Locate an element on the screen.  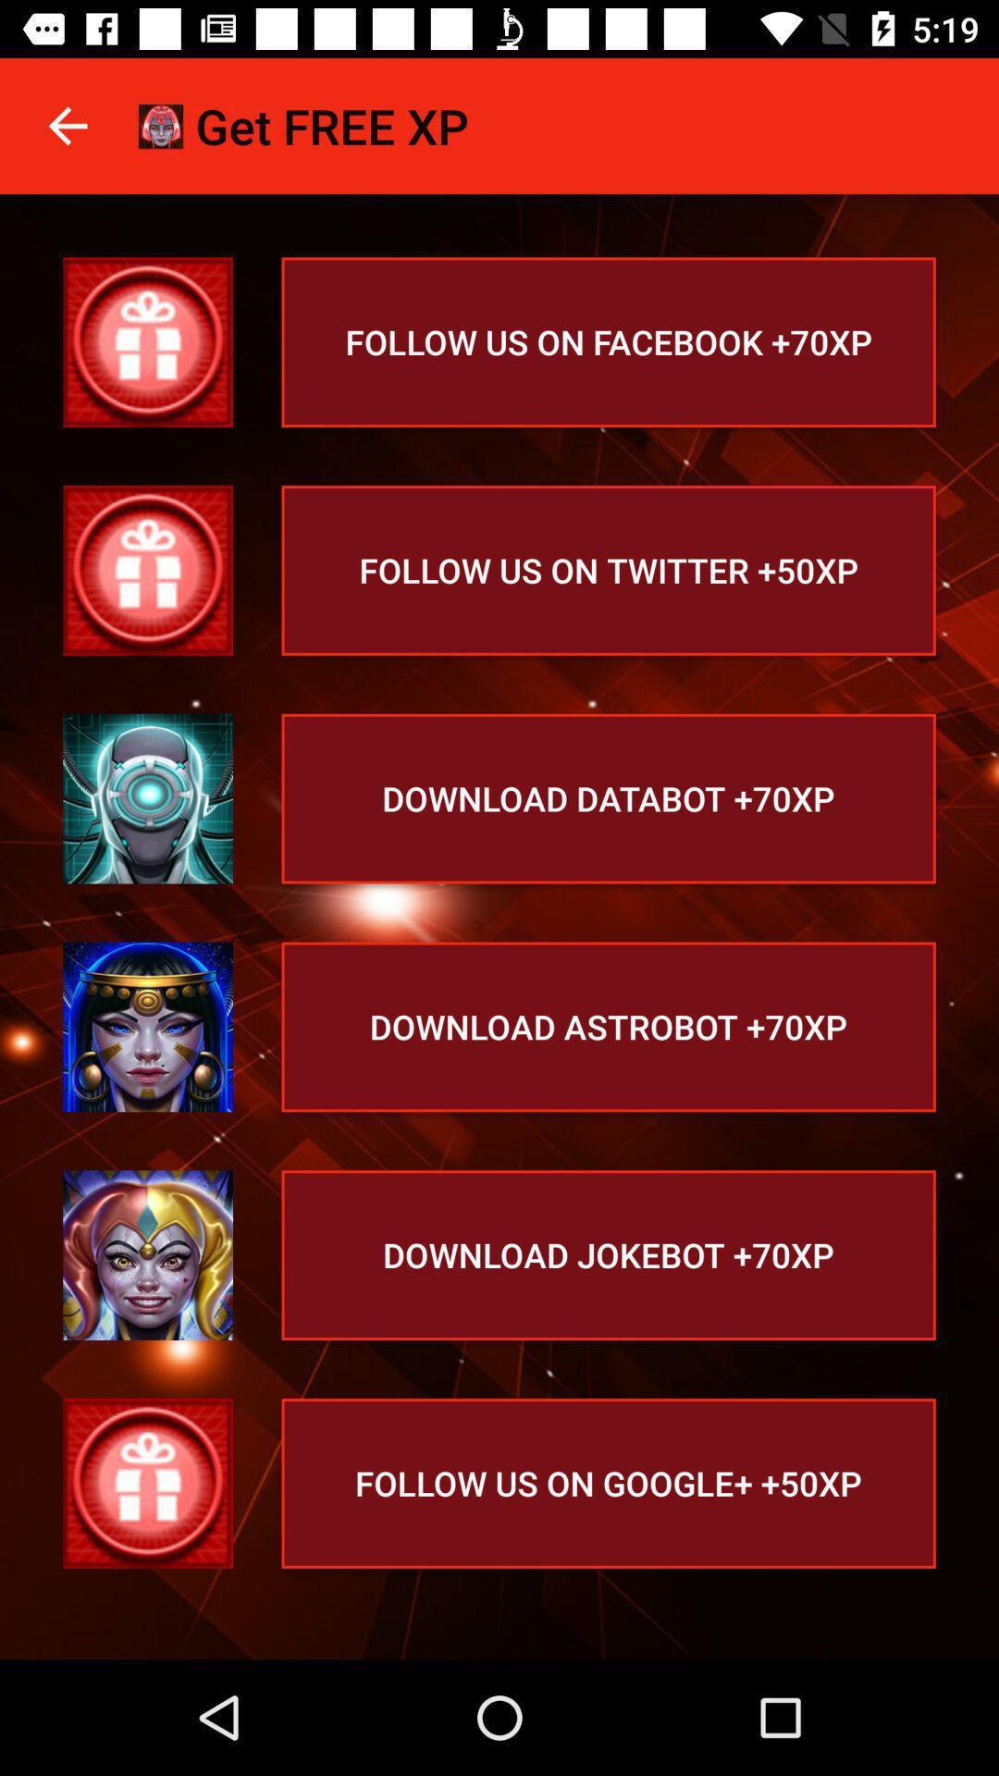
follow on google is located at coordinates (147, 1483).